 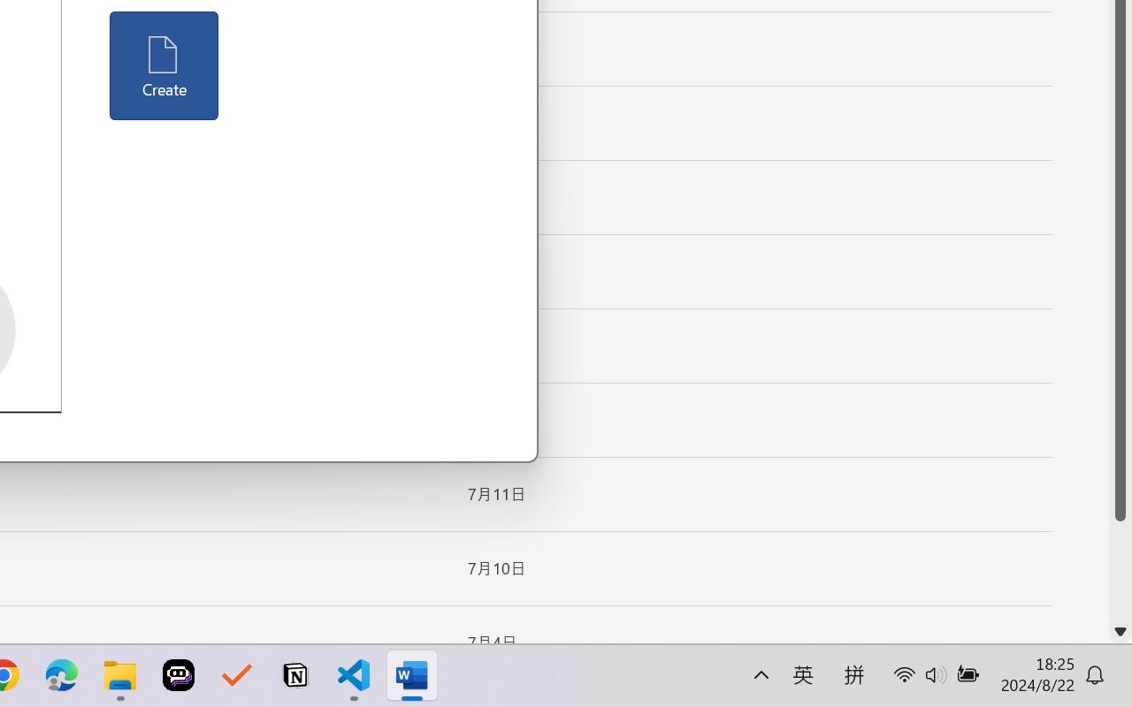 I want to click on 'Line down', so click(x=1120, y=631).